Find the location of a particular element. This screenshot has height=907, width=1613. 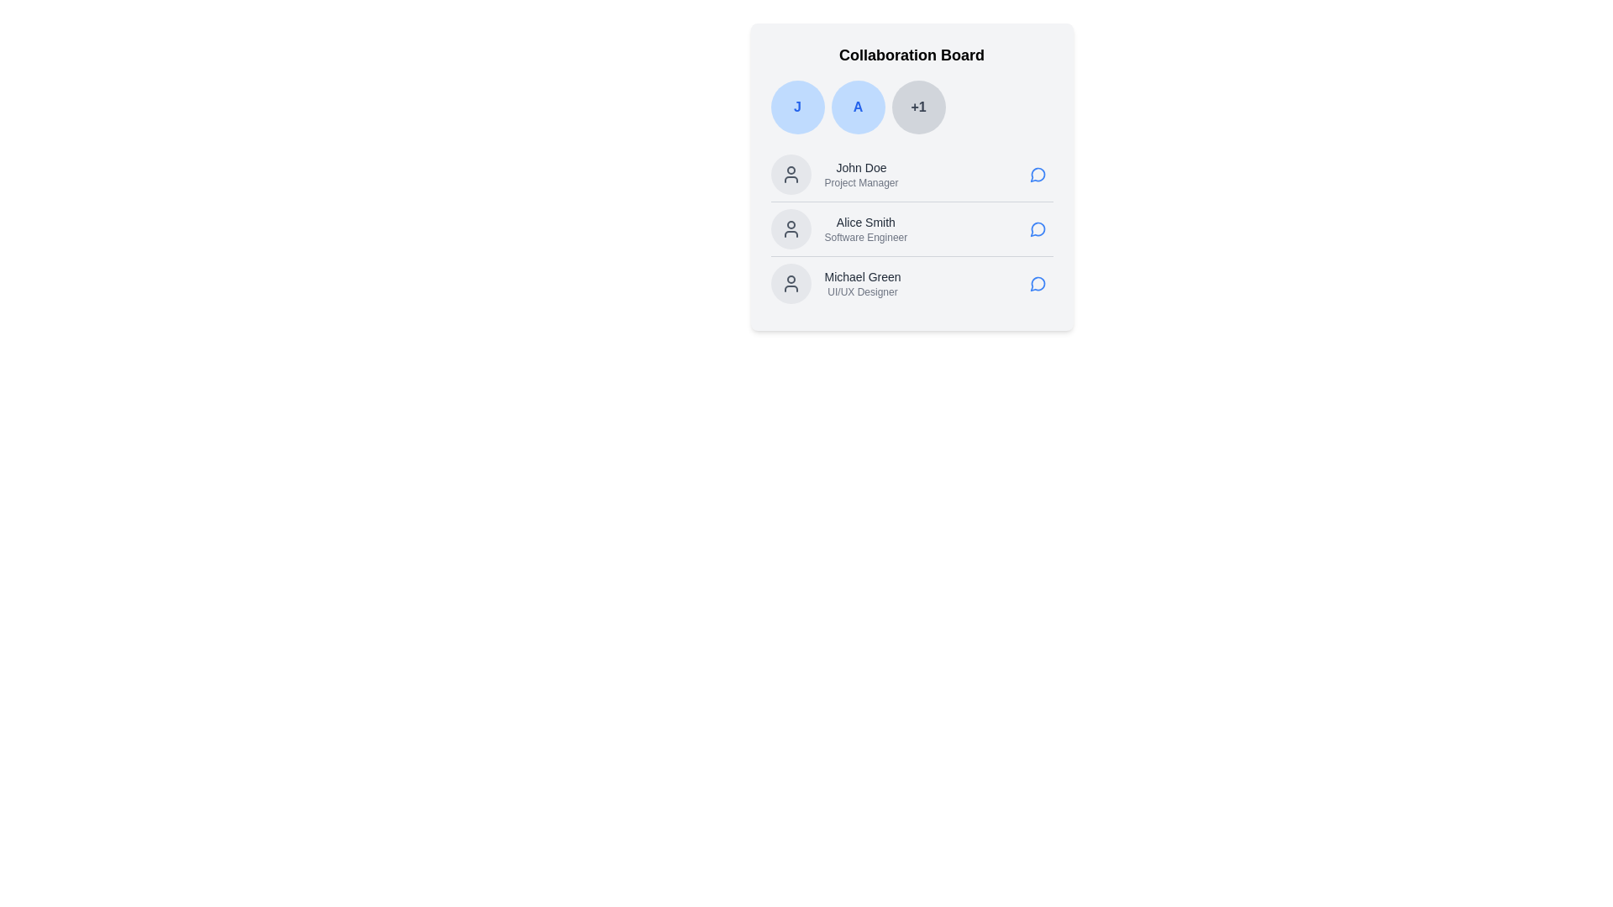

role designation of the first team member entry in the collaboration board list, which contains their name and role information is located at coordinates (911, 175).